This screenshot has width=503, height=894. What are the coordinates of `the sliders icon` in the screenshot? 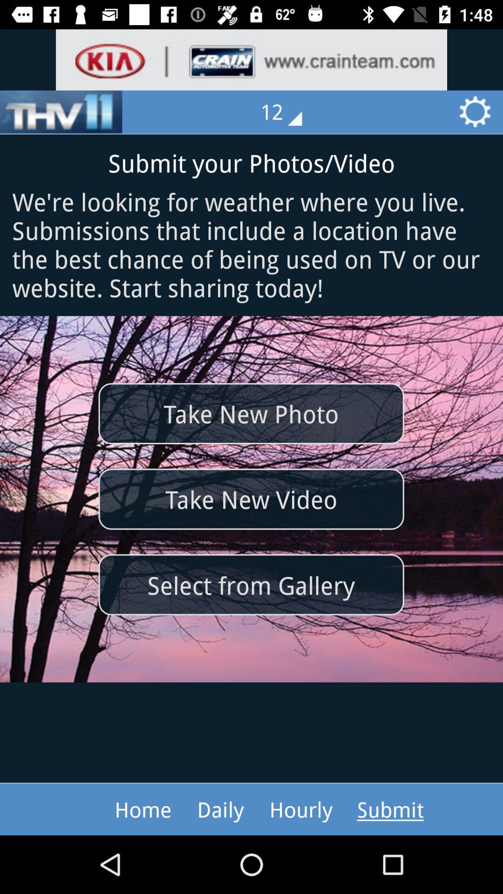 It's located at (61, 112).